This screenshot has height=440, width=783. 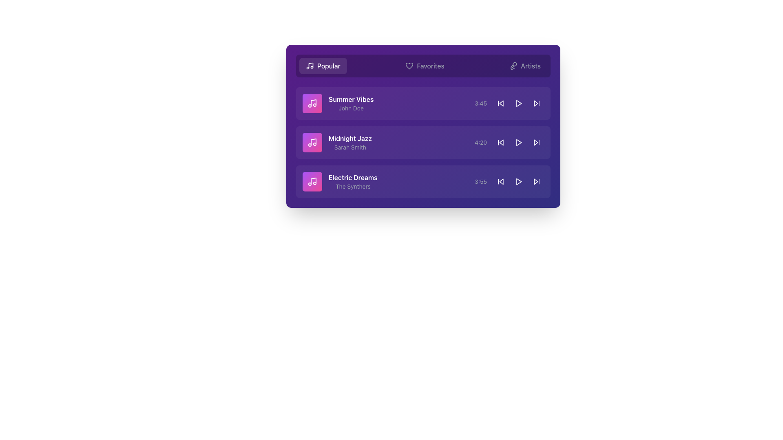 I want to click on the play button located at the rightmost end of the row displaying 'Midnight Jazz' by 'Sarah Smith', so click(x=518, y=142).